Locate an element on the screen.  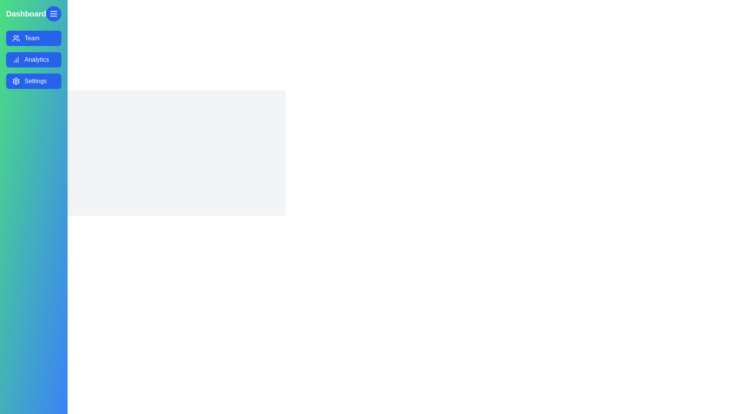
the menu item labeled Analytics is located at coordinates (33, 59).